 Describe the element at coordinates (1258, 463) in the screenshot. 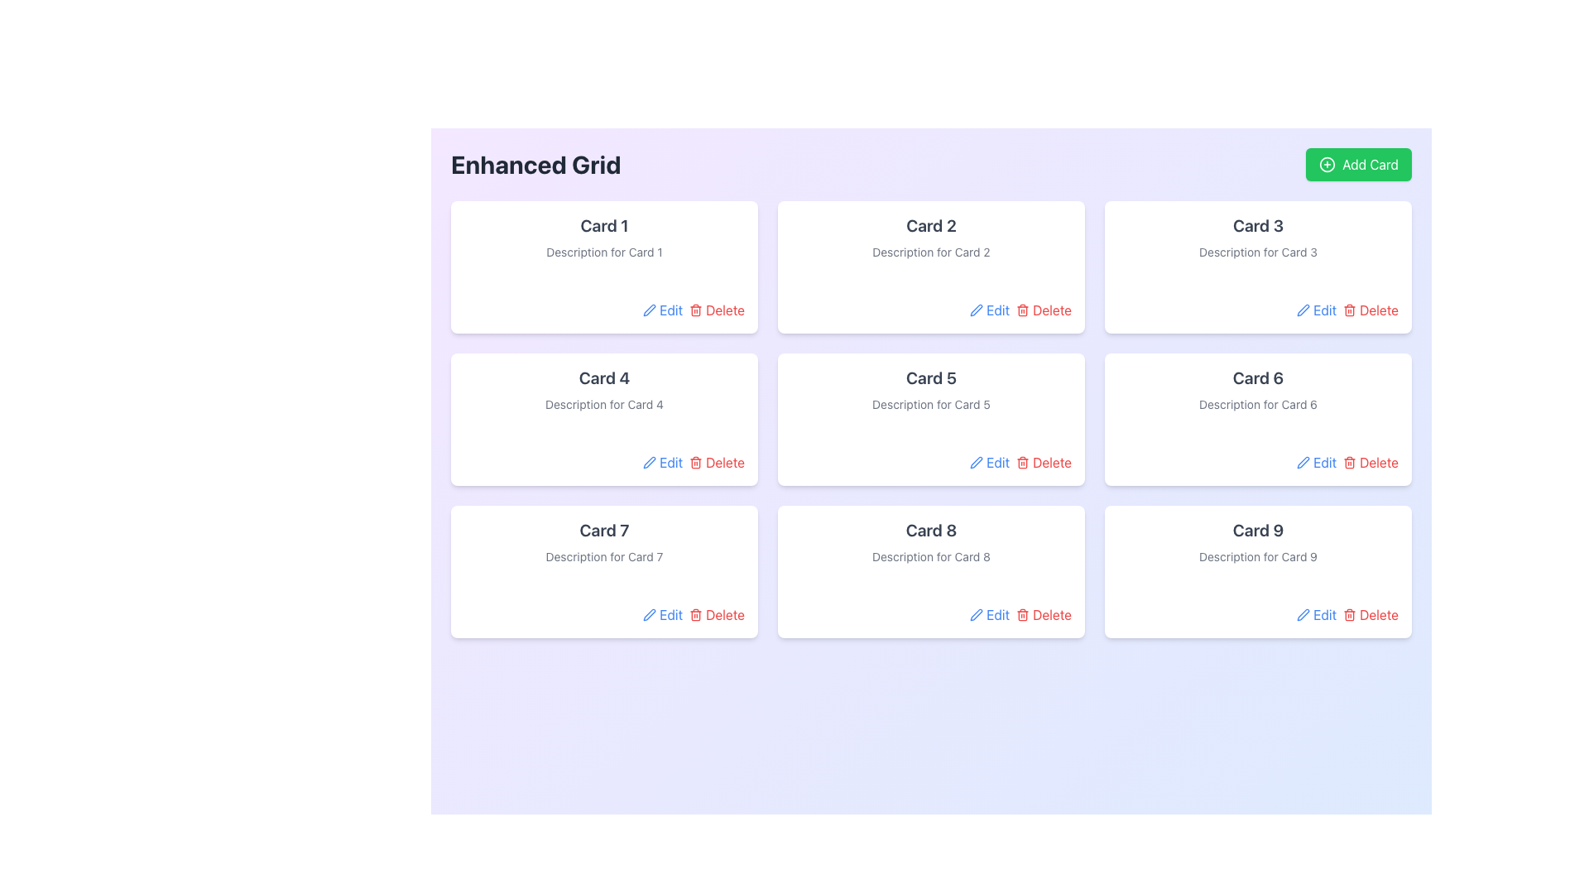

I see `the 'Delete' option in the interactive menu located at the bottom-right corner of 'Card 6'` at that location.